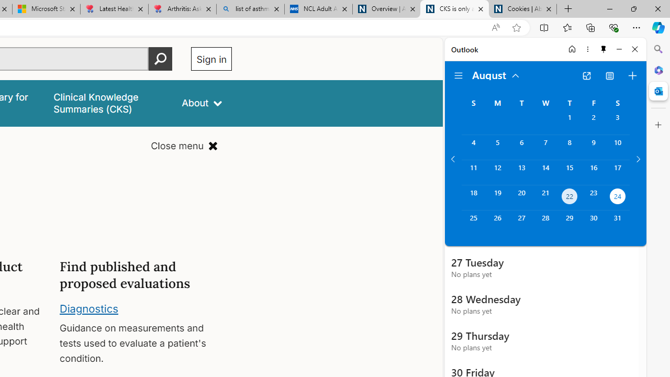  What do you see at coordinates (454, 9) in the screenshot?
I see `'CKS is only available in the UK | NICE'` at bounding box center [454, 9].